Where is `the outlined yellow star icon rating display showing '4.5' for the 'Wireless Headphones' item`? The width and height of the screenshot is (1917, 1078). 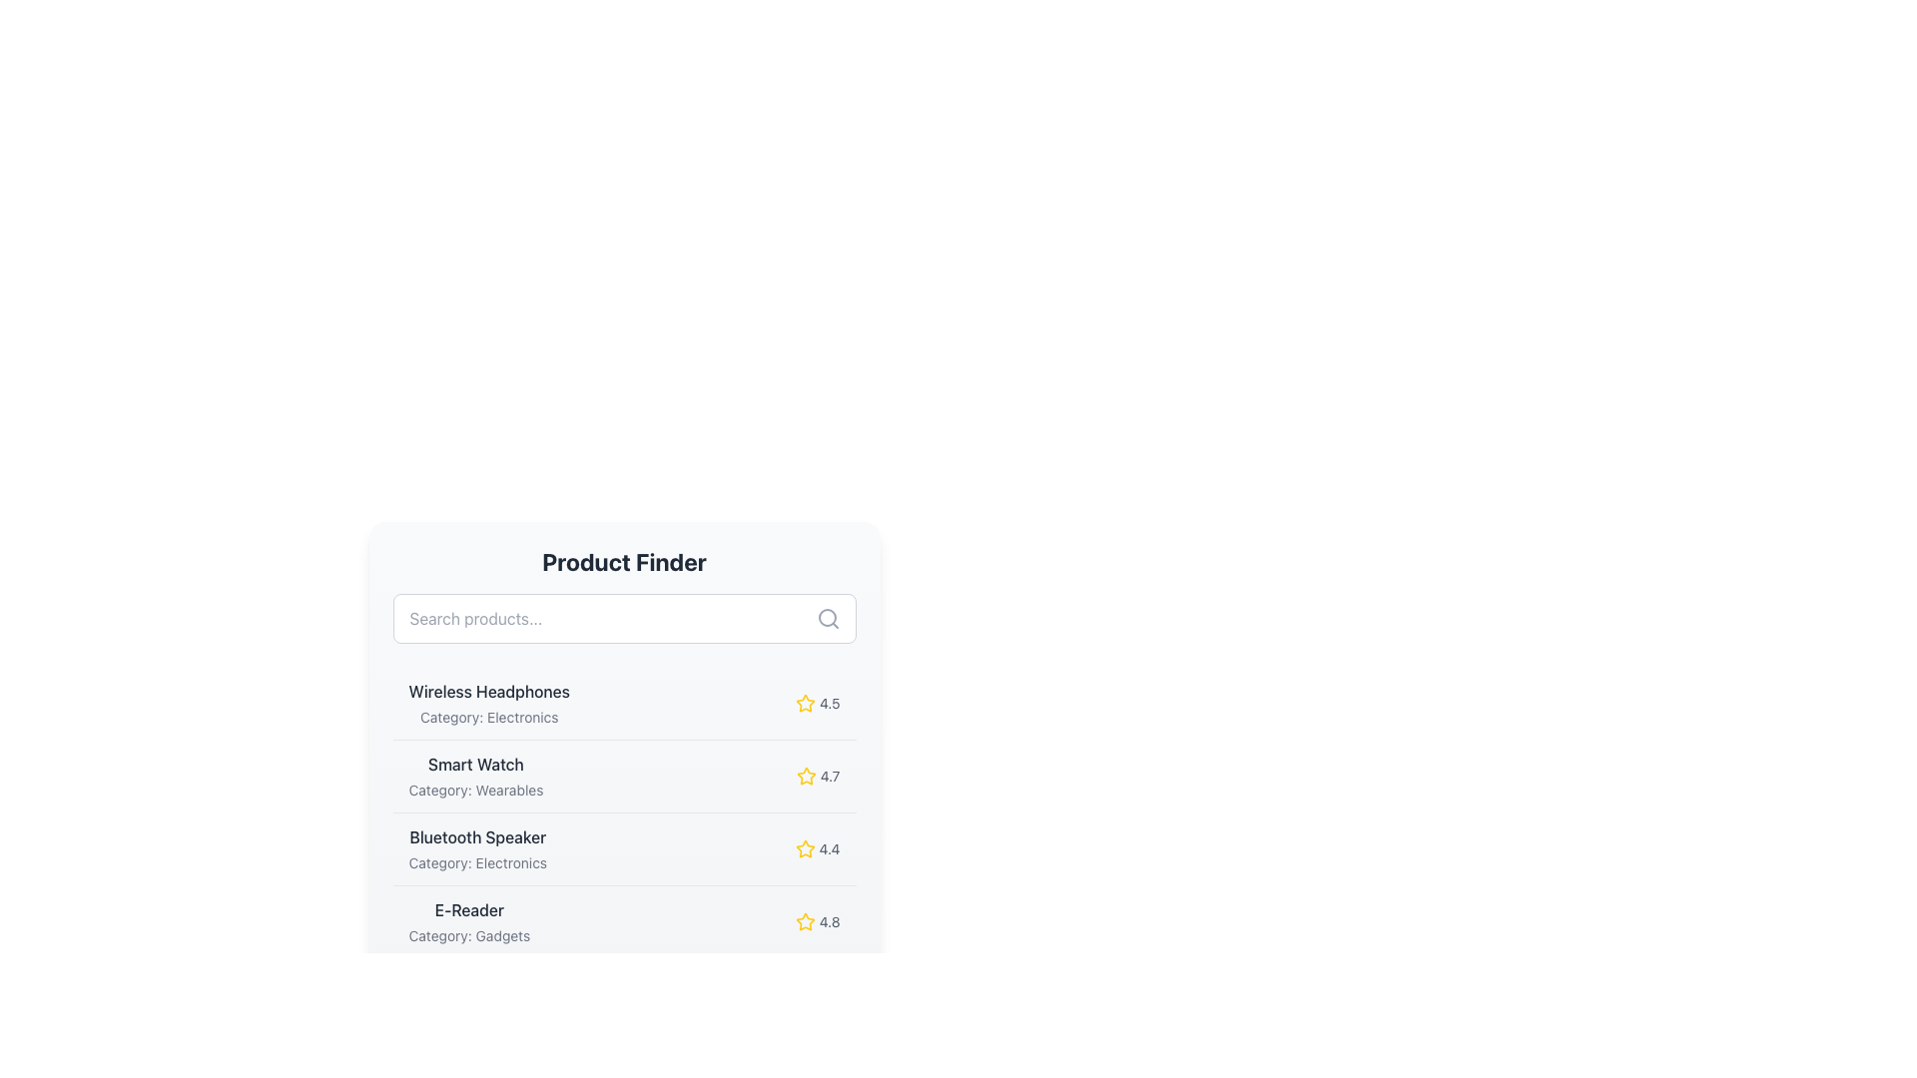
the outlined yellow star icon rating display showing '4.5' for the 'Wireless Headphones' item is located at coordinates (818, 703).